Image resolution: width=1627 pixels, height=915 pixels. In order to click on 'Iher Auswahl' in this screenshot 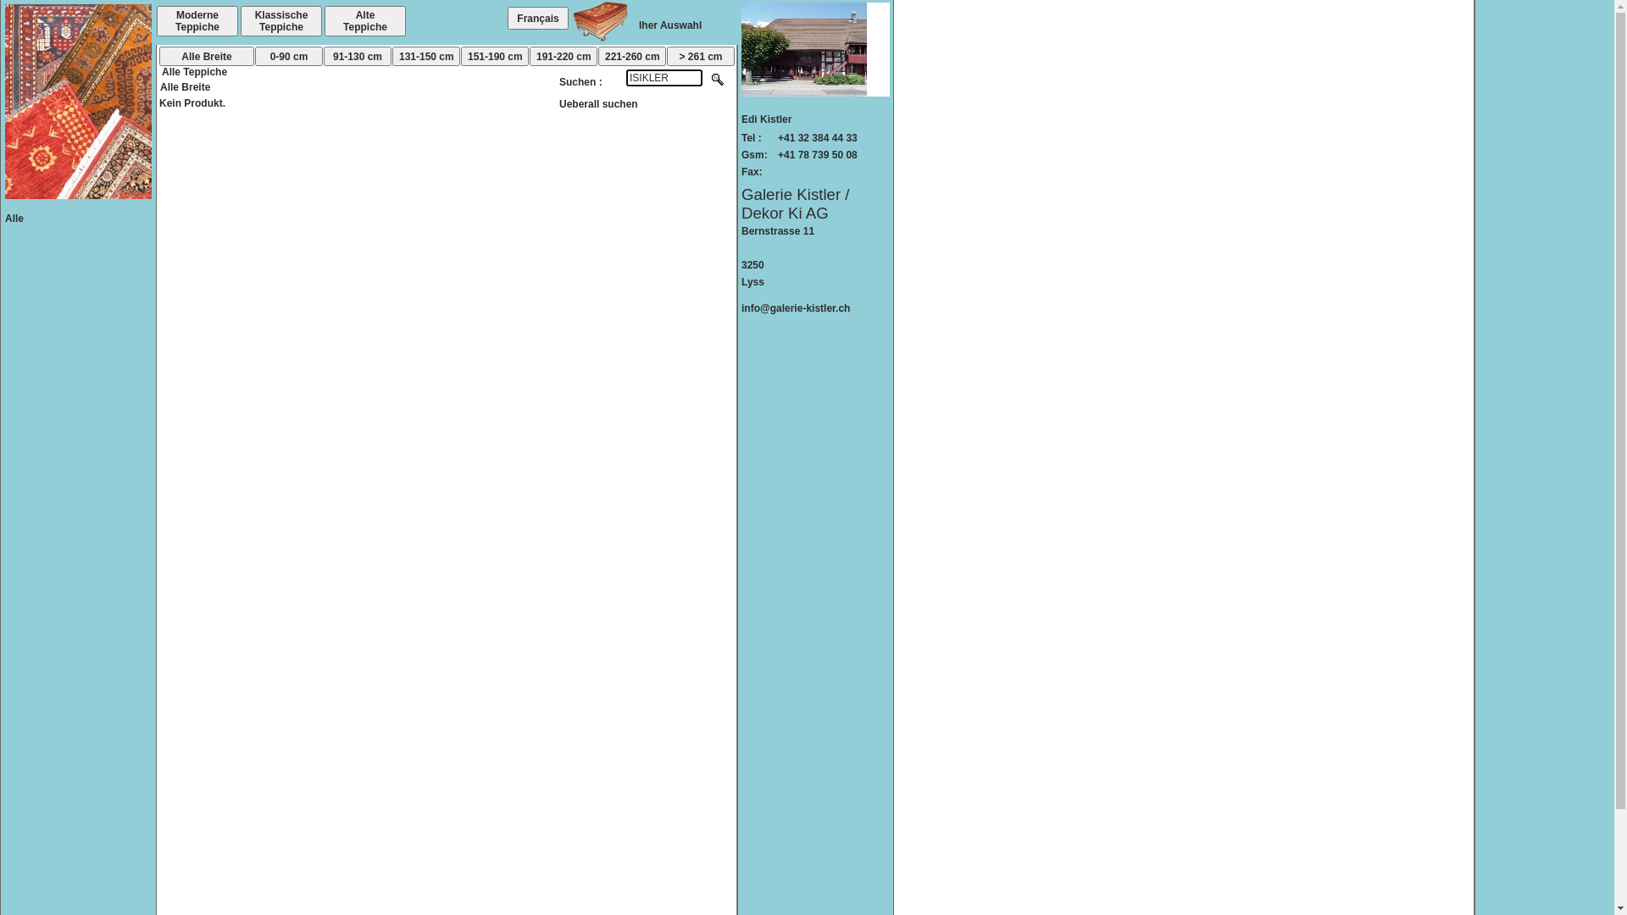, I will do `click(669, 25)`.